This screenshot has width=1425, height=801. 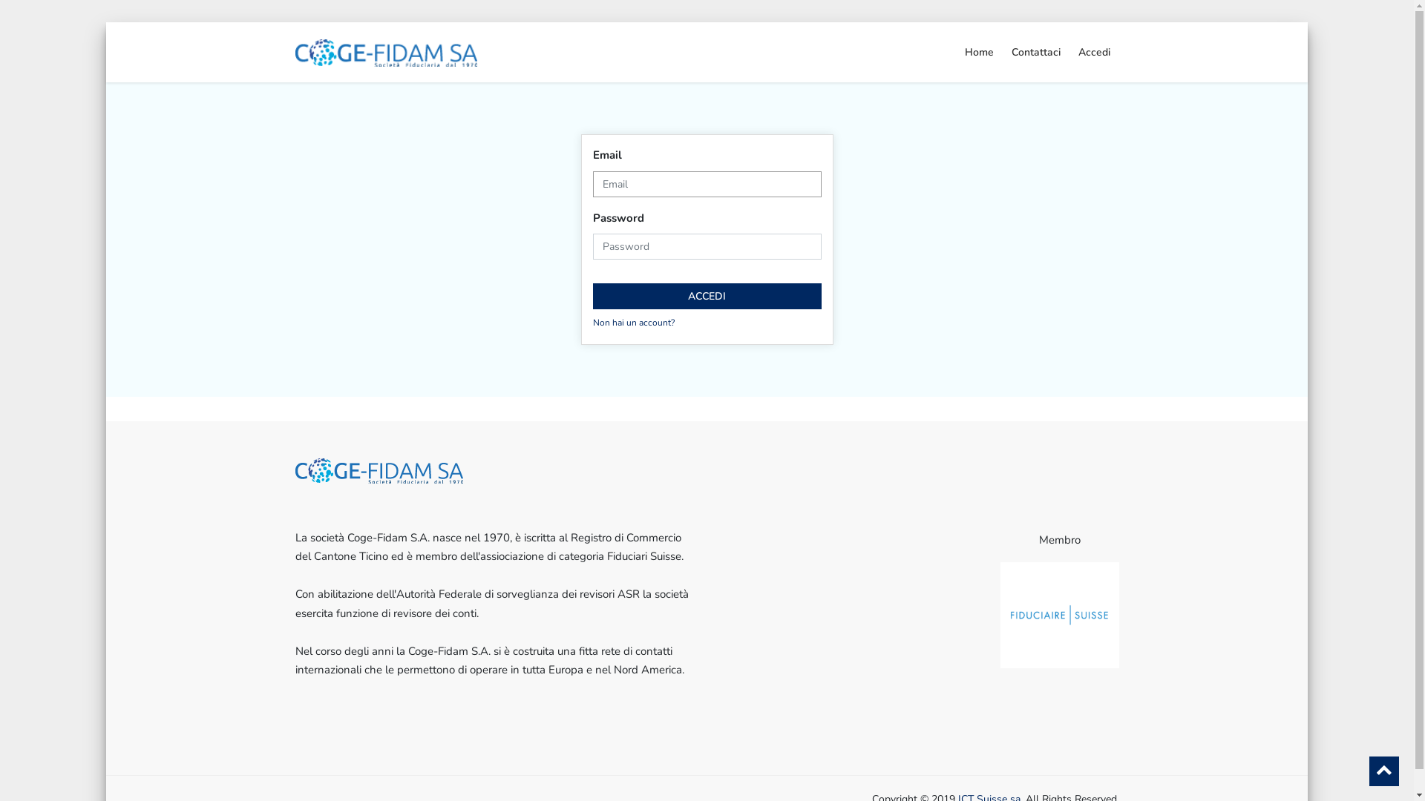 I want to click on 'Home', so click(x=979, y=51).